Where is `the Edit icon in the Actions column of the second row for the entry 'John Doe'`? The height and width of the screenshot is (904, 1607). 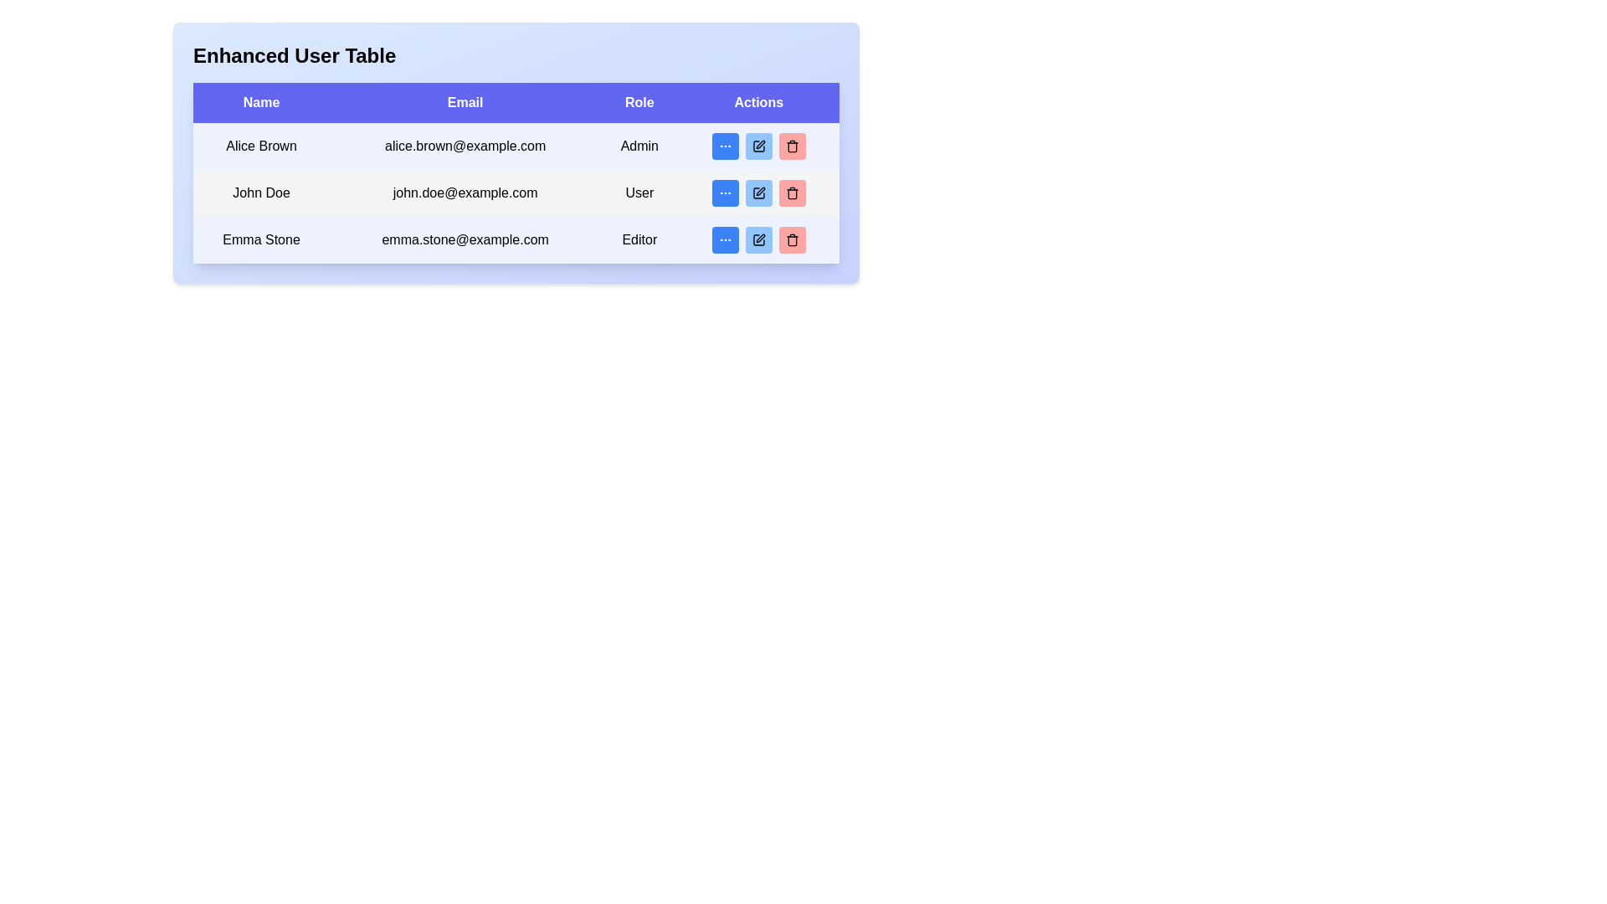
the Edit icon in the Actions column of the second row for the entry 'John Doe' is located at coordinates (757, 193).